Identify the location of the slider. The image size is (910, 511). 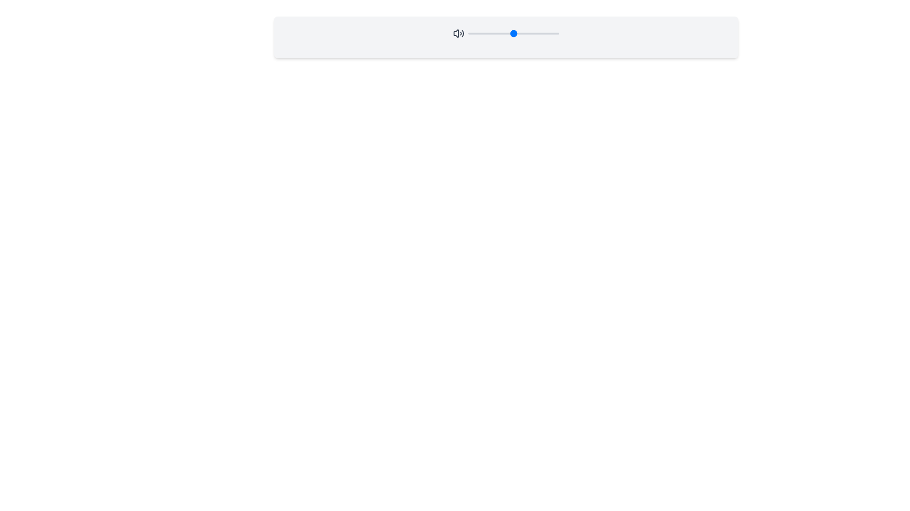
(512, 33).